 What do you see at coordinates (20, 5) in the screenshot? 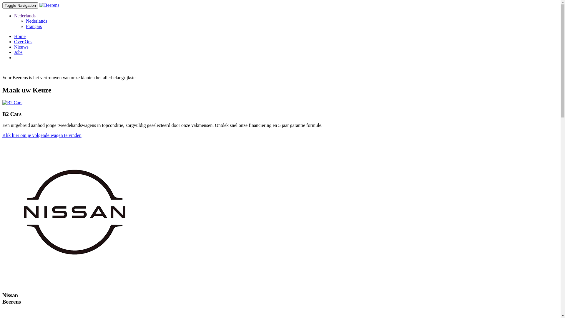
I see `'Toggle Navigation'` at bounding box center [20, 5].